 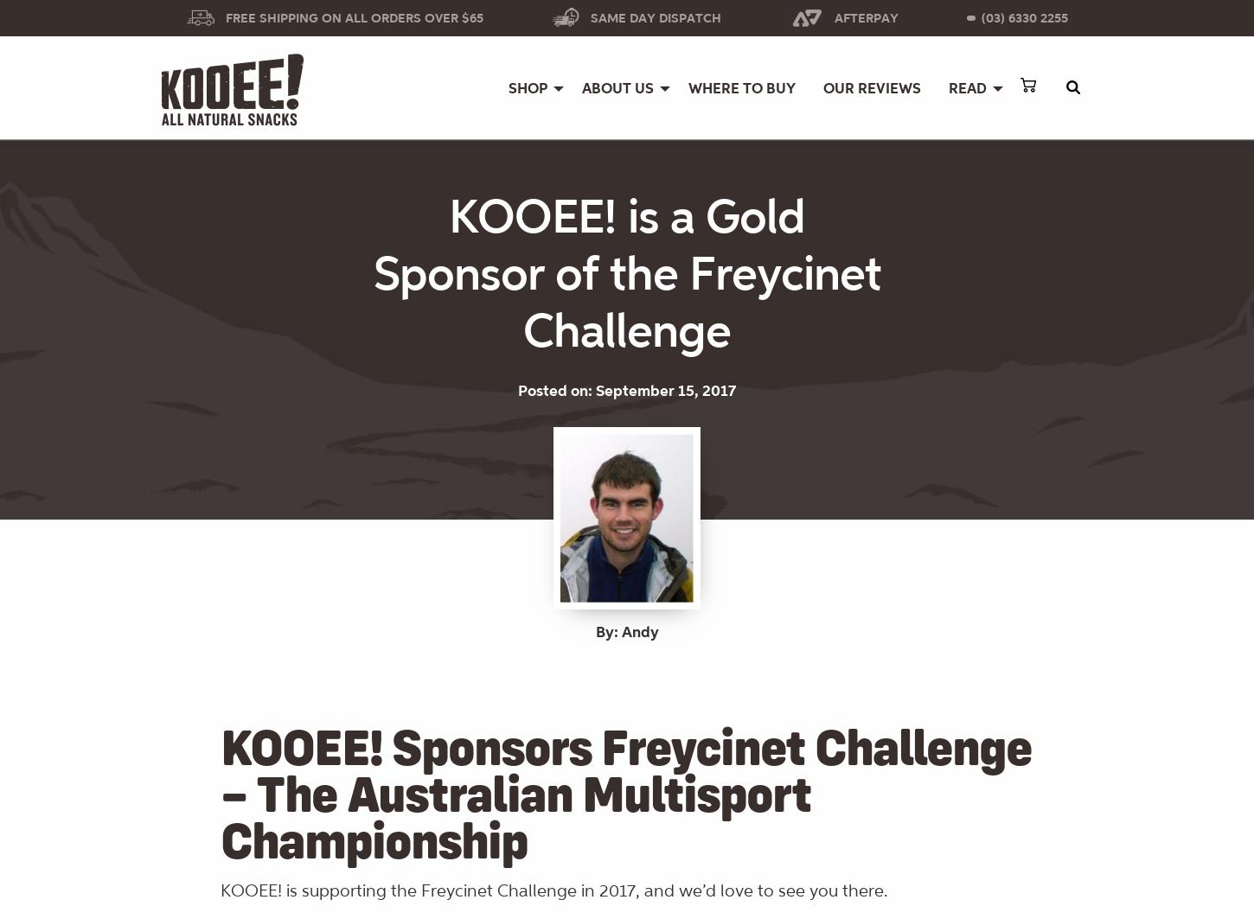 What do you see at coordinates (864, 18) in the screenshot?
I see `'Afterpay'` at bounding box center [864, 18].